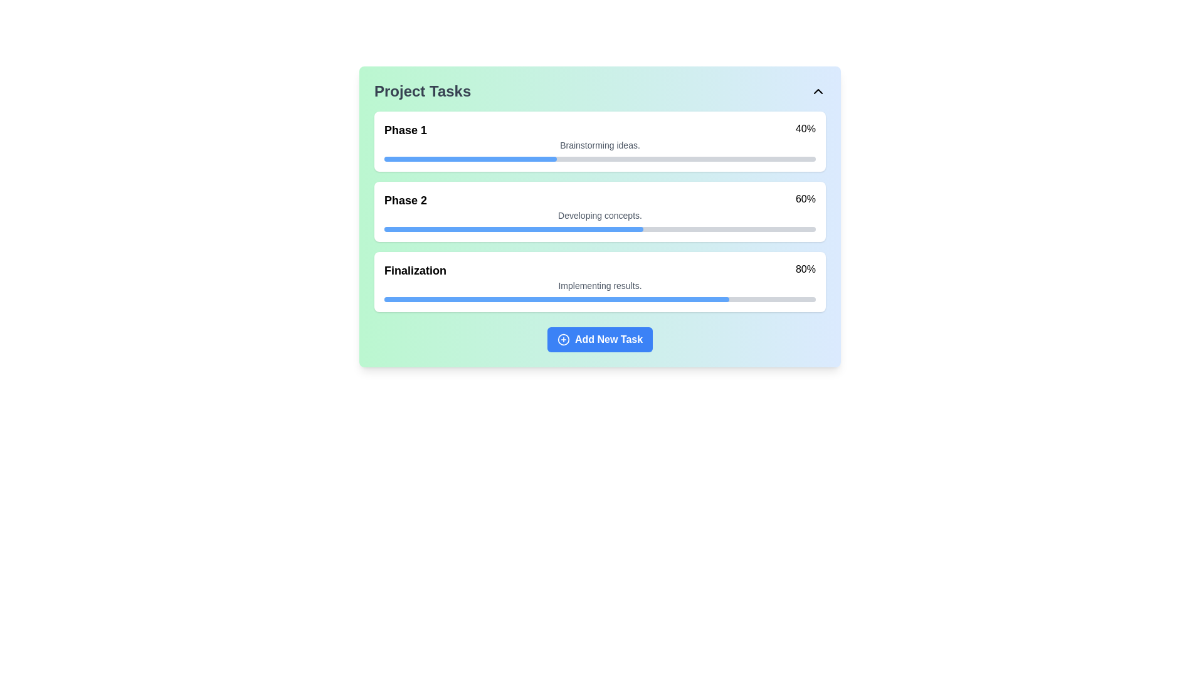 The image size is (1204, 677). What do you see at coordinates (599, 216) in the screenshot?
I see `the 'Add New Task' button located at the bottom of the Task Tracker Panel to input a new task` at bounding box center [599, 216].